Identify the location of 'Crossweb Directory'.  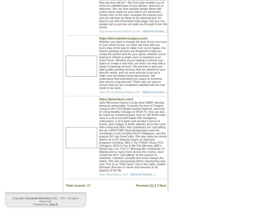
(38, 198).